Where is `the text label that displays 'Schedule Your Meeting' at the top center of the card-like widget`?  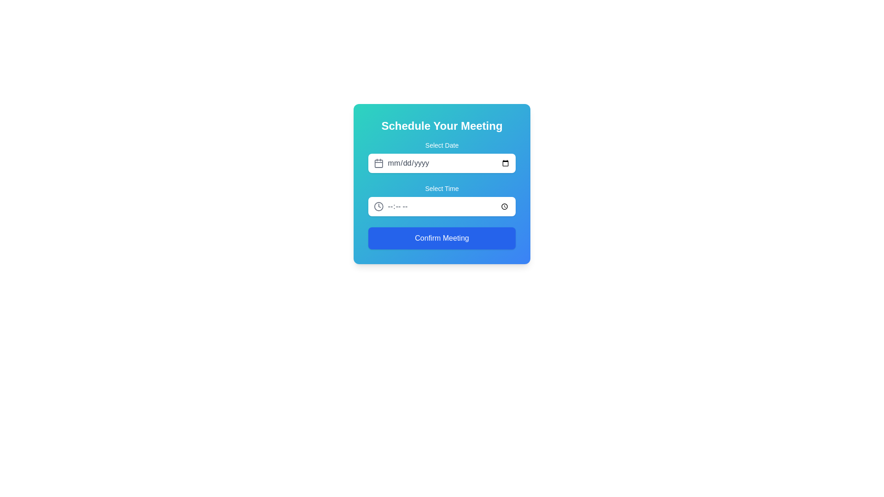
the text label that displays 'Schedule Your Meeting' at the top center of the card-like widget is located at coordinates (442, 126).